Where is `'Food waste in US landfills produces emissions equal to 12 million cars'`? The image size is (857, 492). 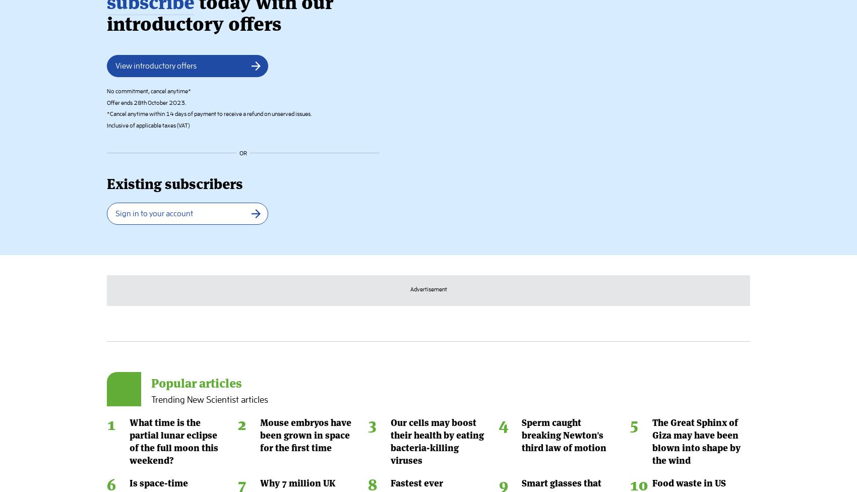 'Food waste in US landfills produces emissions equal to 12 million cars' is located at coordinates (652, 108).